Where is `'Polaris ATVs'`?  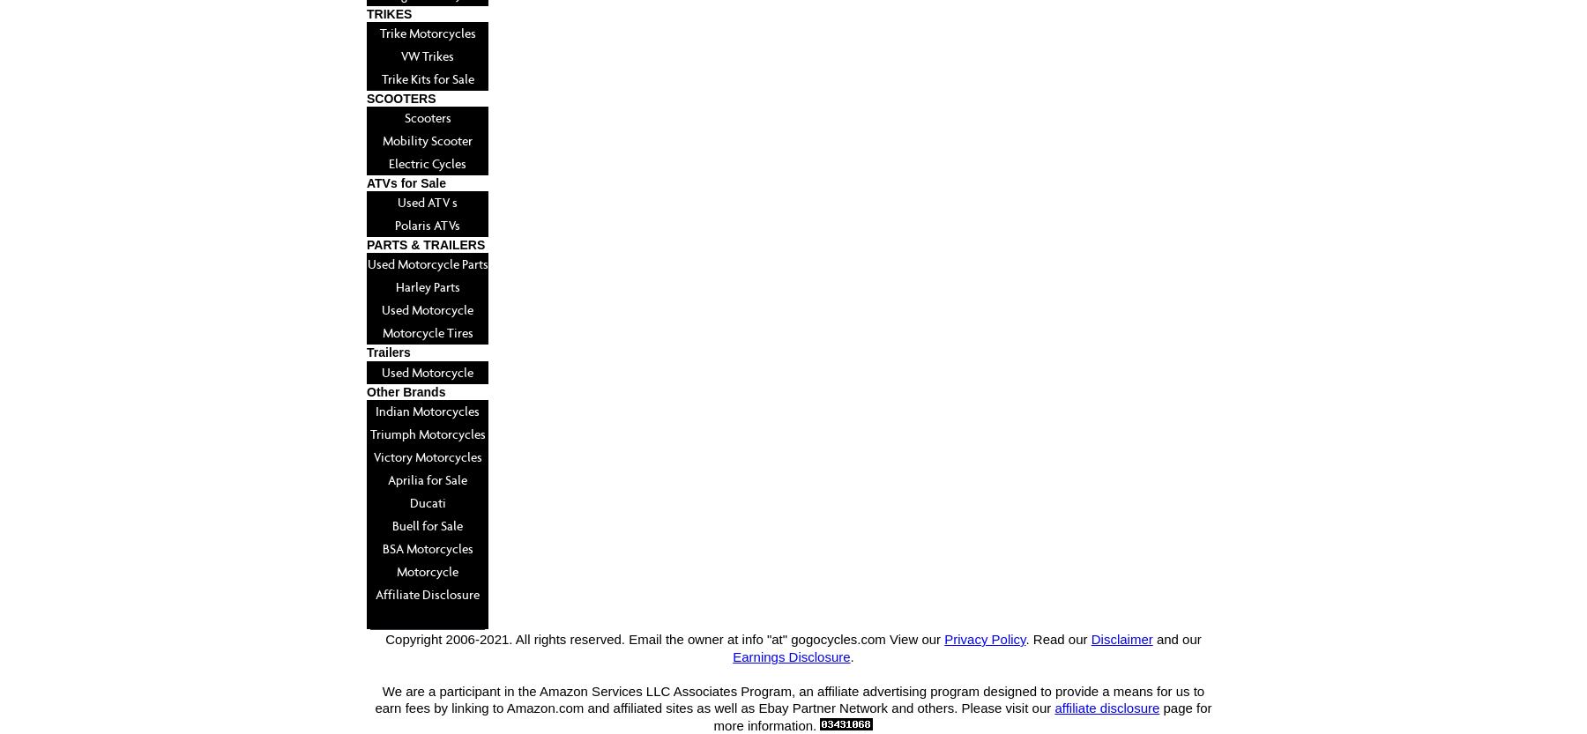
'Polaris ATVs' is located at coordinates (426, 225).